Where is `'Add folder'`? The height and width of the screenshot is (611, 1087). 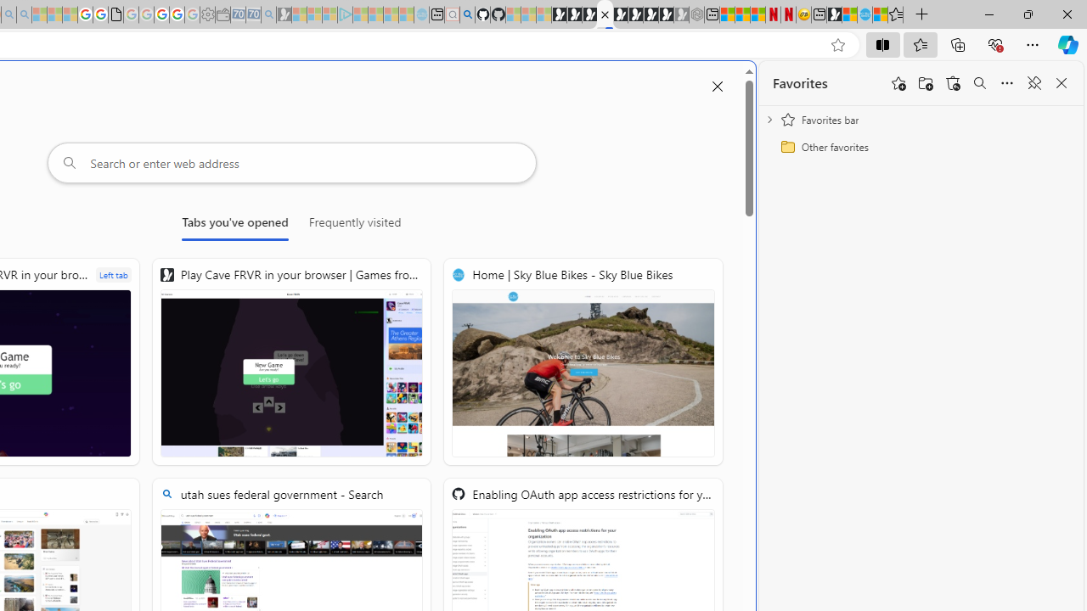 'Add folder' is located at coordinates (924, 83).